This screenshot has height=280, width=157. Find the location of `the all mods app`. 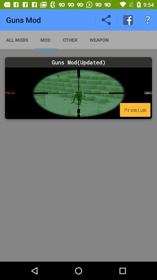

the all mods app is located at coordinates (17, 39).